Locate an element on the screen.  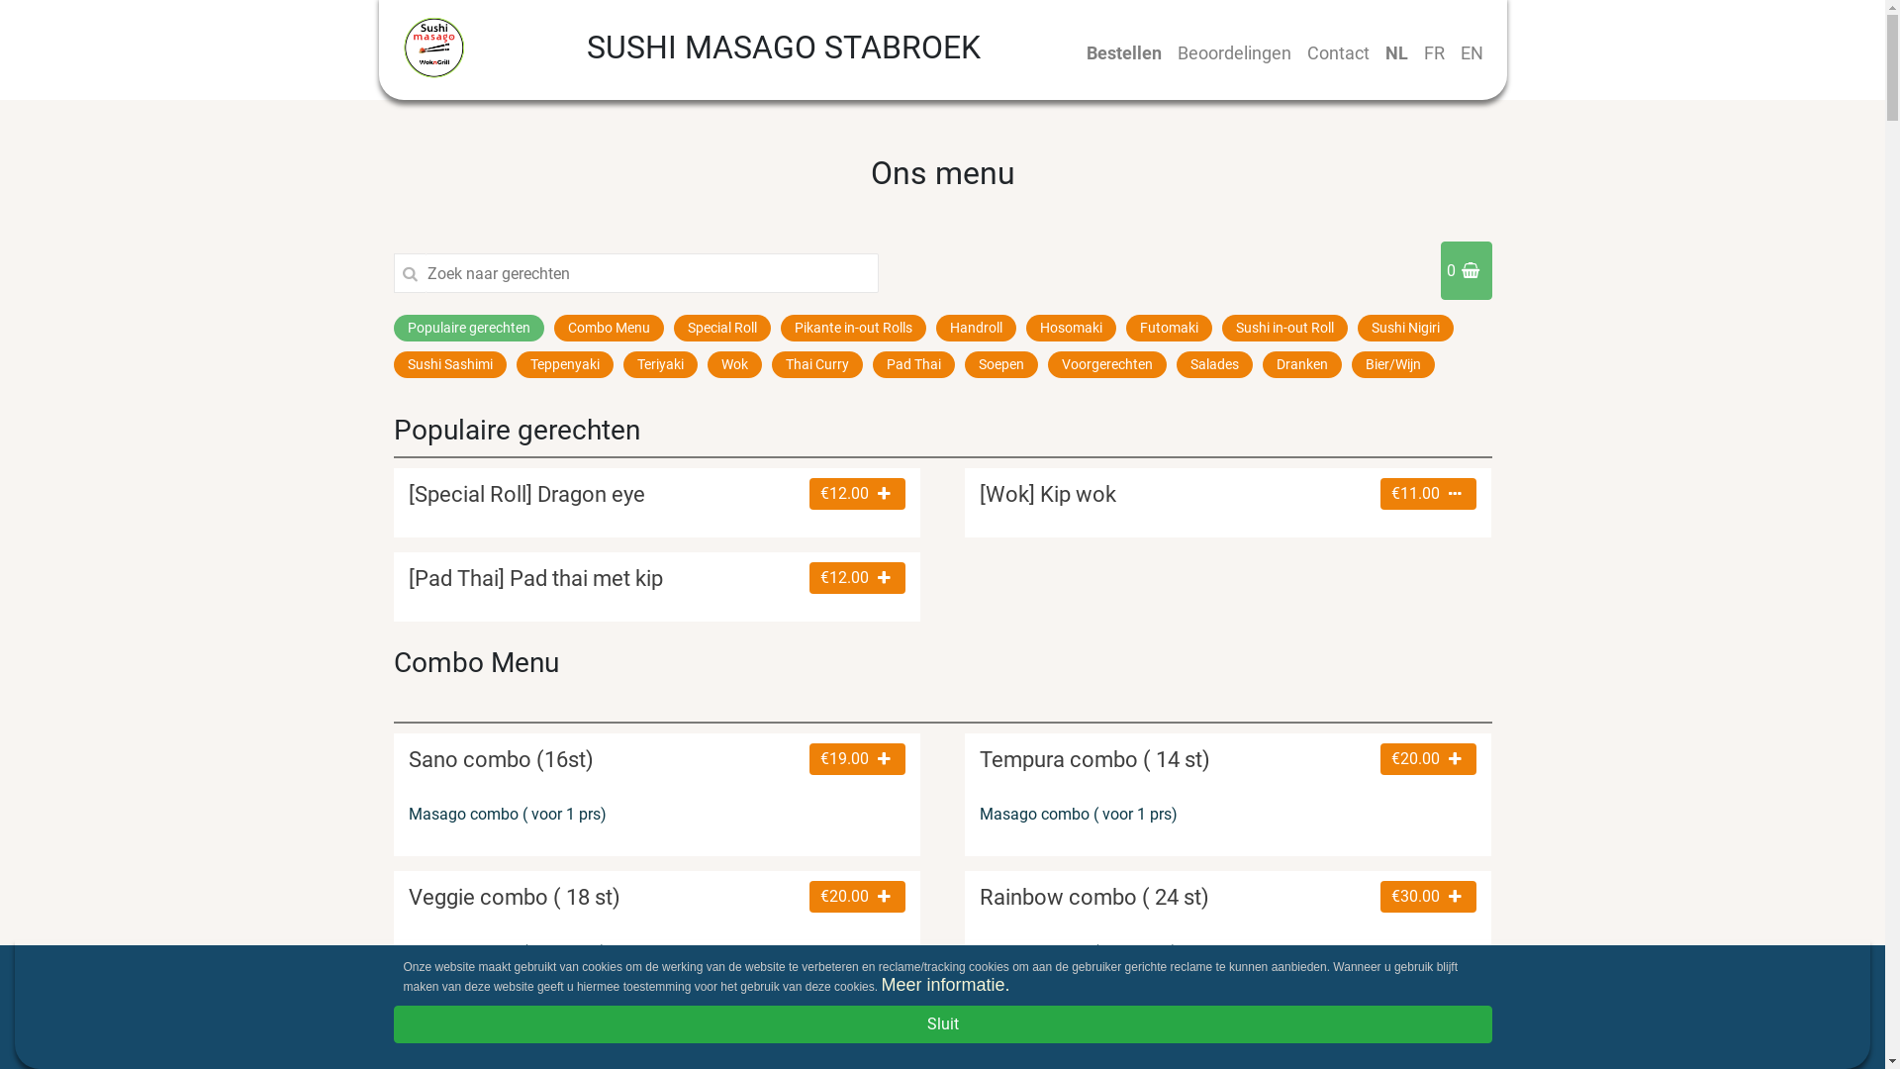
'Salades' is located at coordinates (1176, 364).